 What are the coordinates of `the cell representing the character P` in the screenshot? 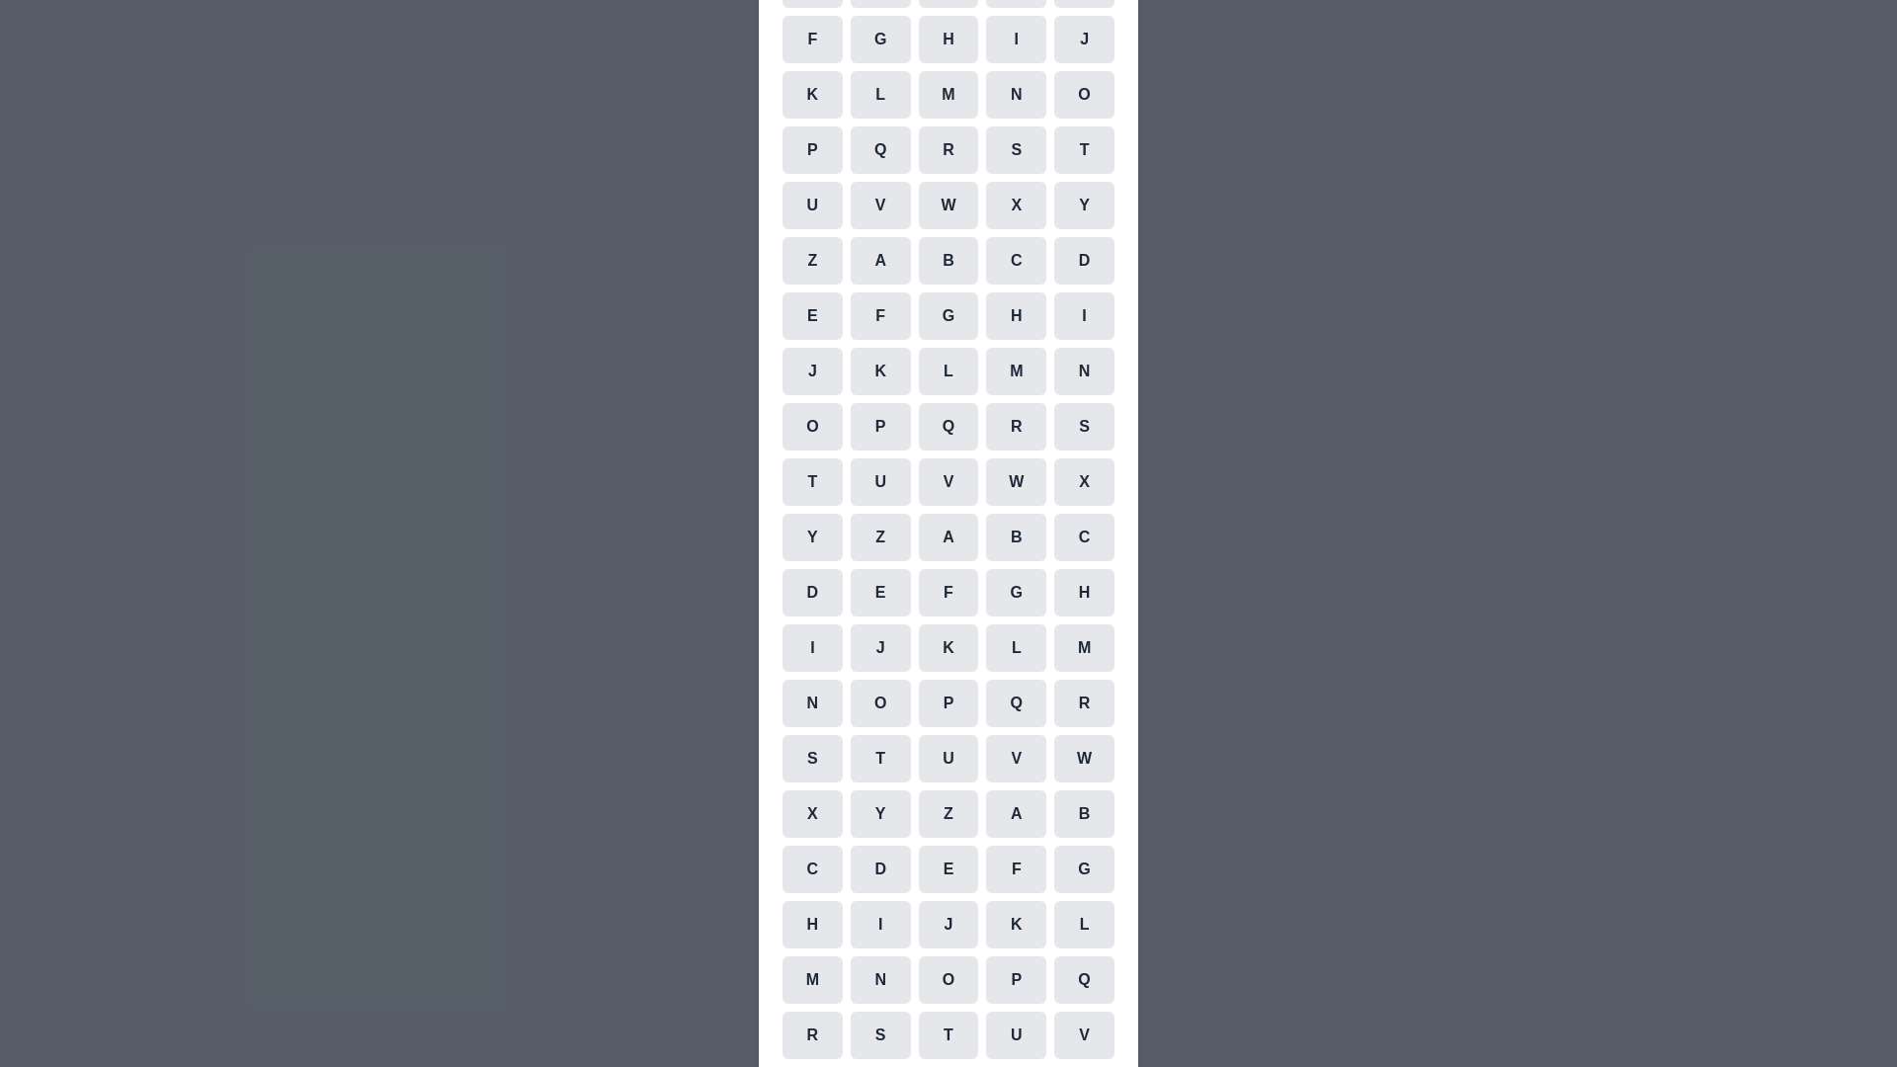 It's located at (811, 148).